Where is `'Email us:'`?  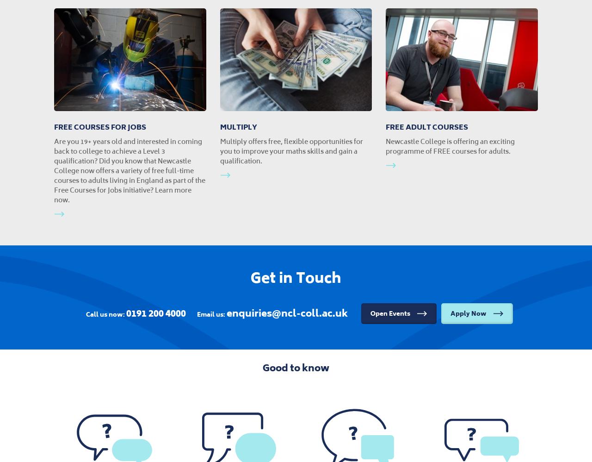
'Email us:' is located at coordinates (211, 314).